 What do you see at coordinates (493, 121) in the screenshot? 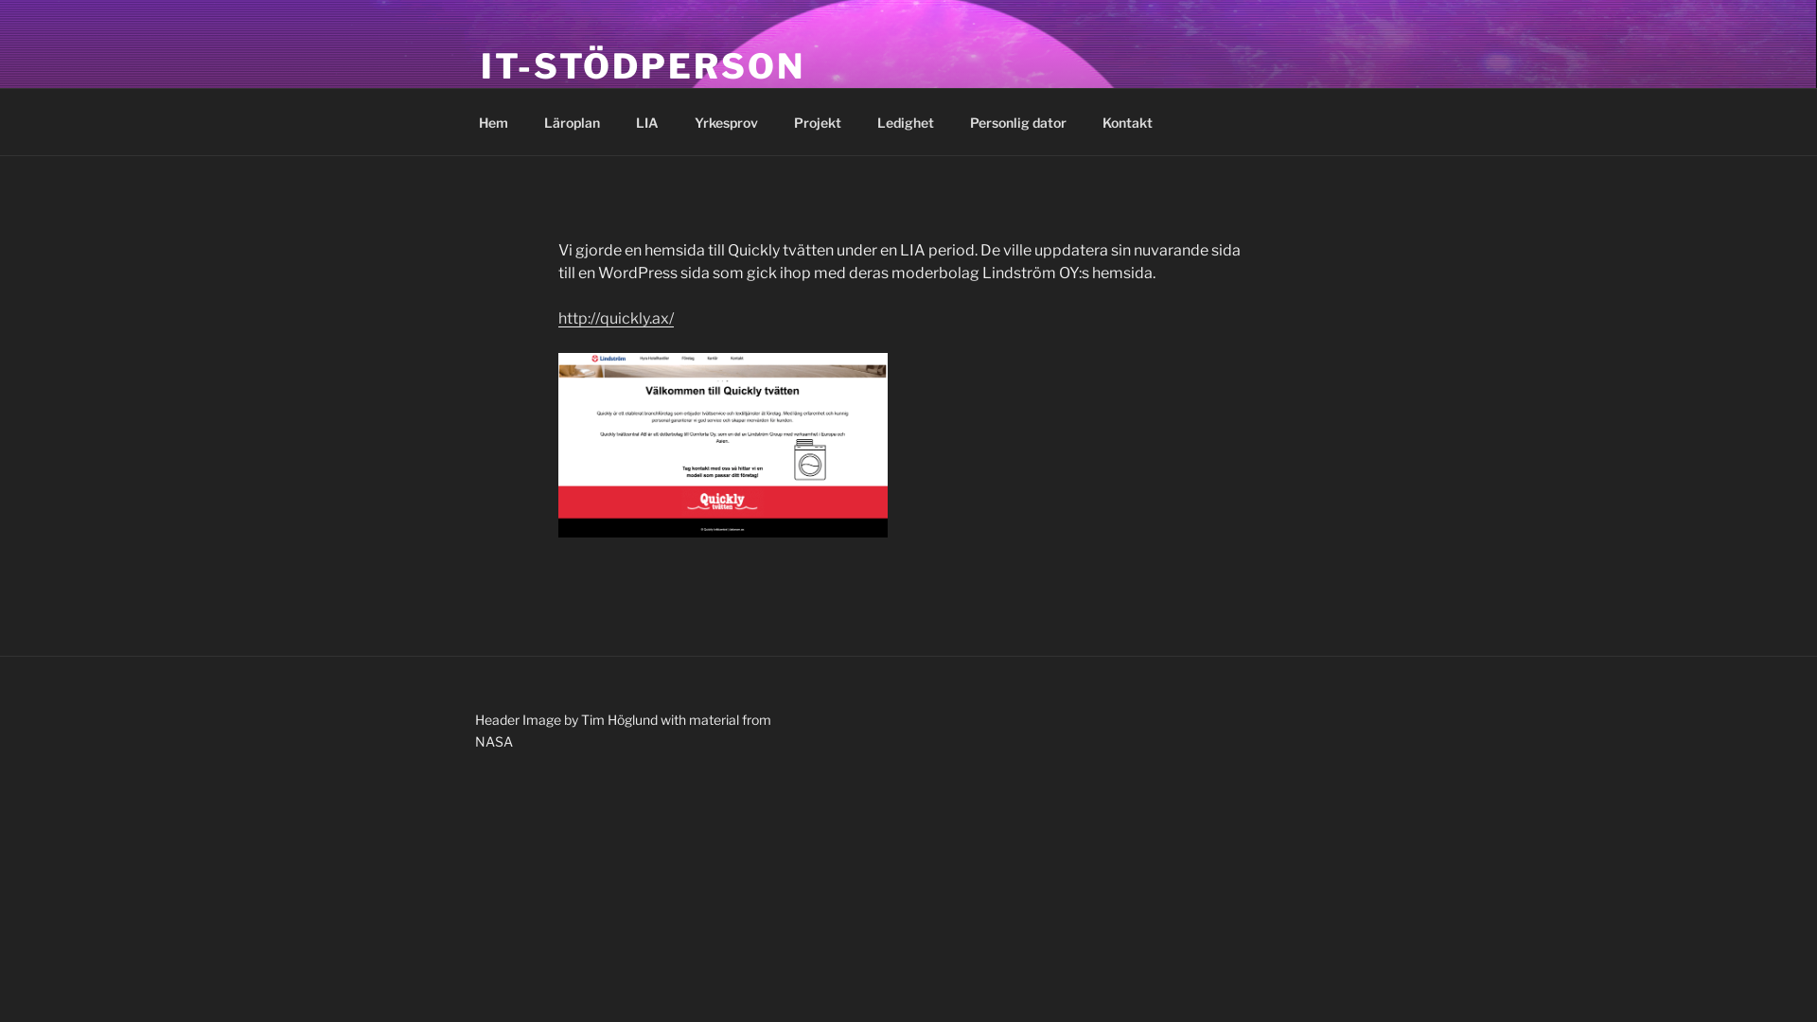
I see `'Hem'` at bounding box center [493, 121].